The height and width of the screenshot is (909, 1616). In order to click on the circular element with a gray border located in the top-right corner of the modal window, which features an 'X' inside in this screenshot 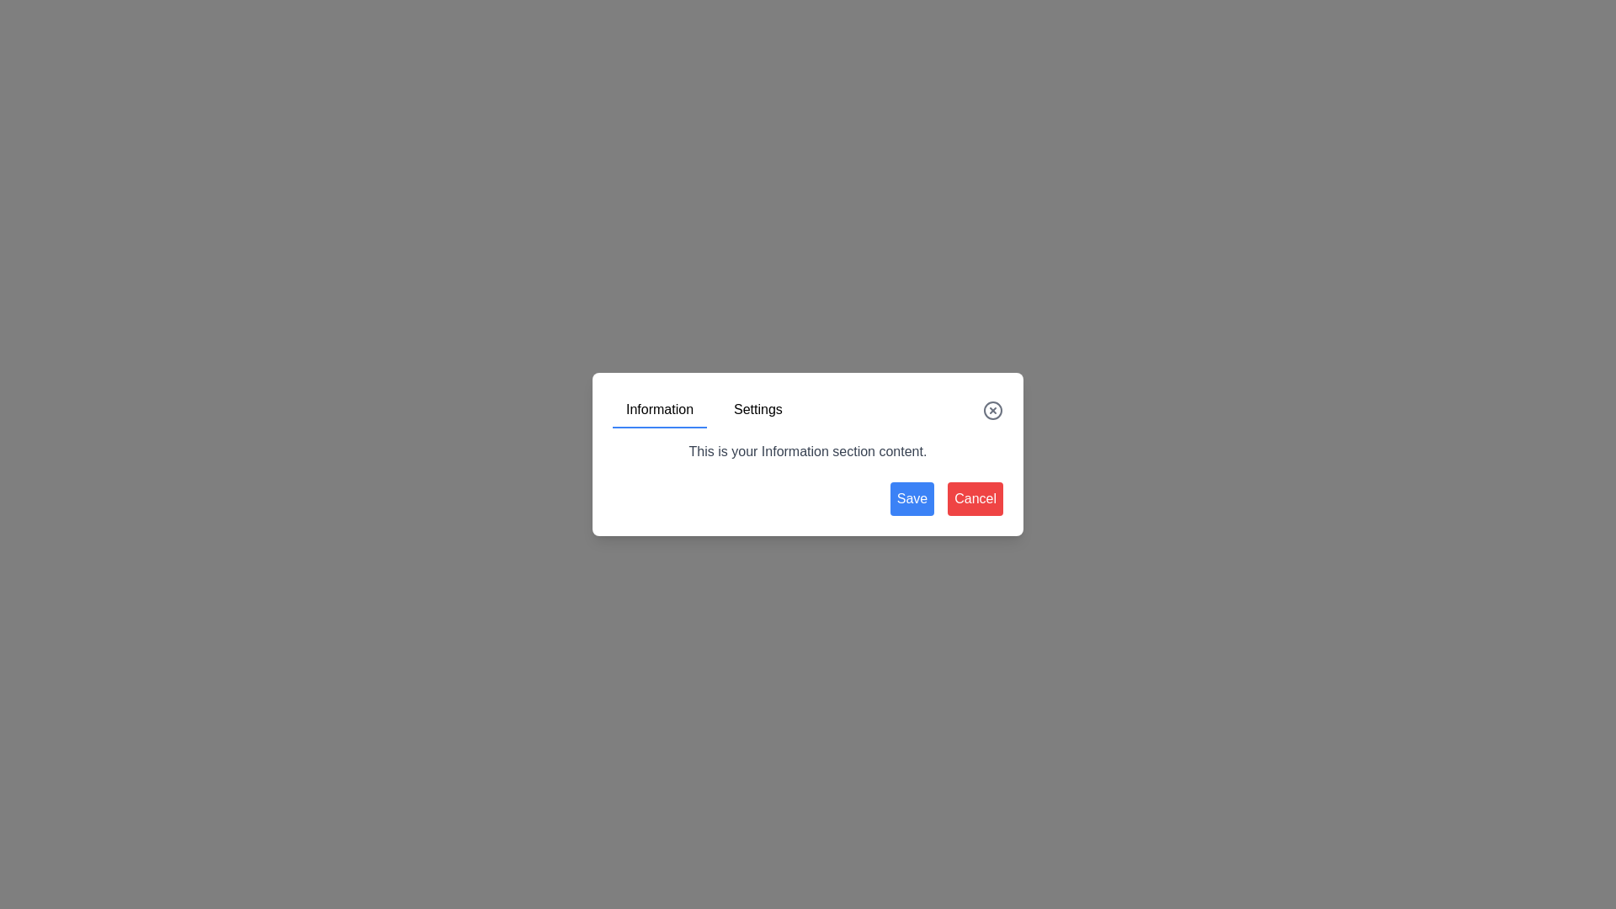, I will do `click(993, 411)`.